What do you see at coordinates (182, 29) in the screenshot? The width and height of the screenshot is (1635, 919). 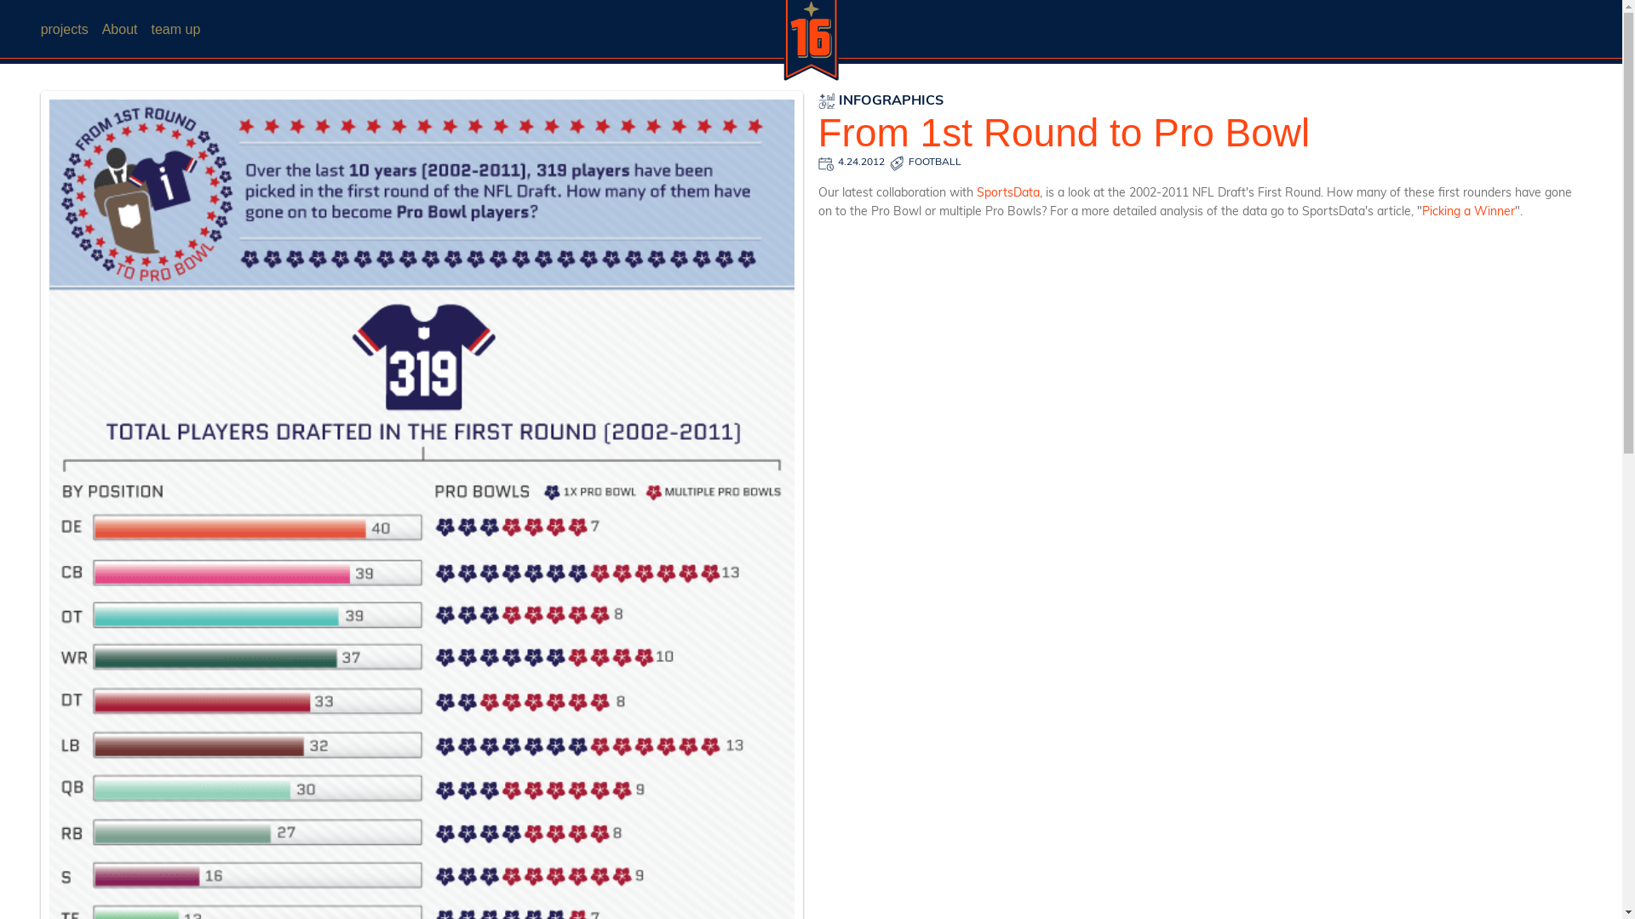 I see `'team up'` at bounding box center [182, 29].